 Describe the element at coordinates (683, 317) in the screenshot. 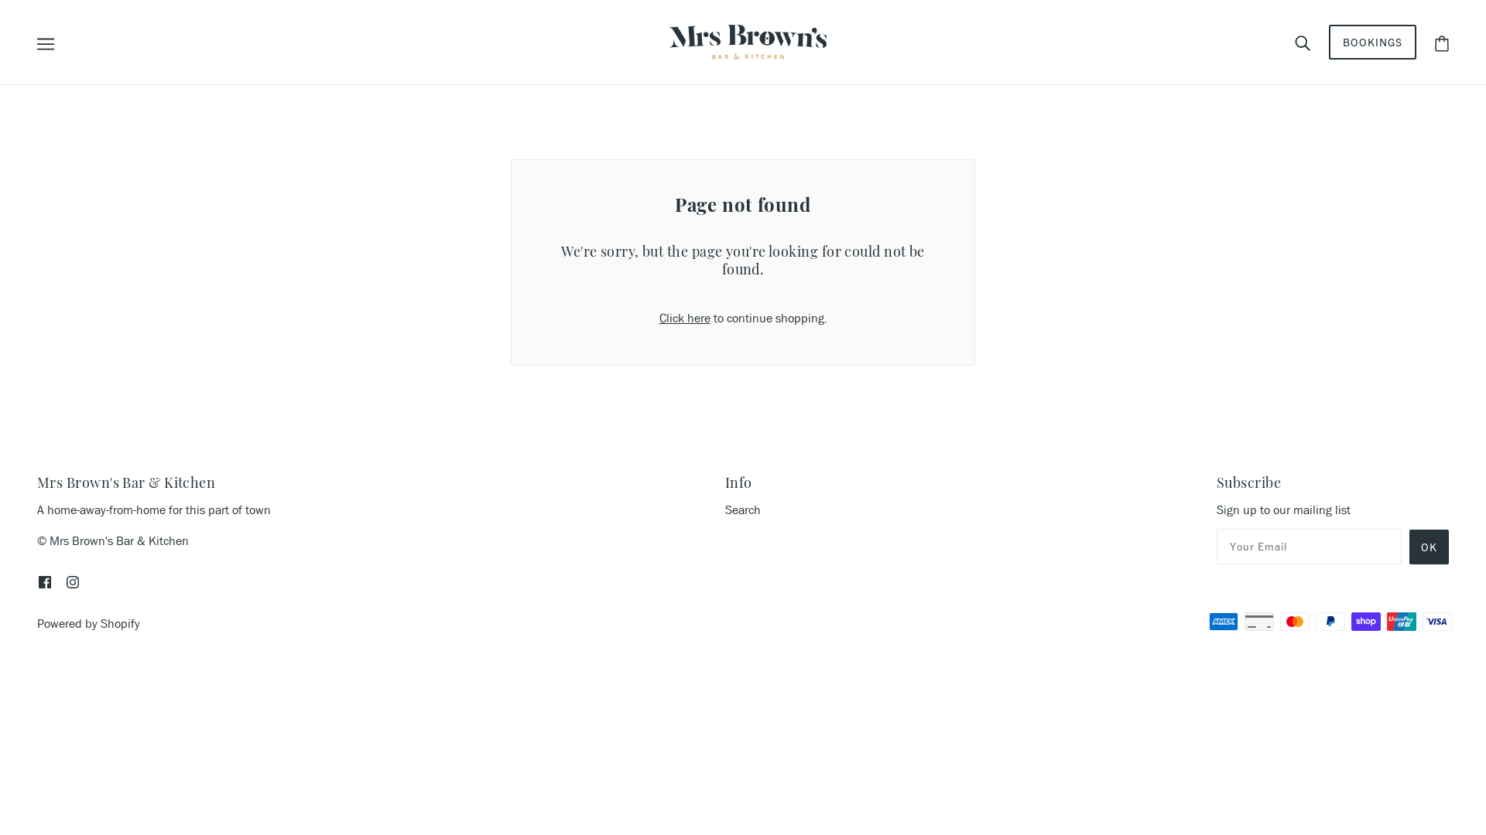

I see `'Click here'` at that location.